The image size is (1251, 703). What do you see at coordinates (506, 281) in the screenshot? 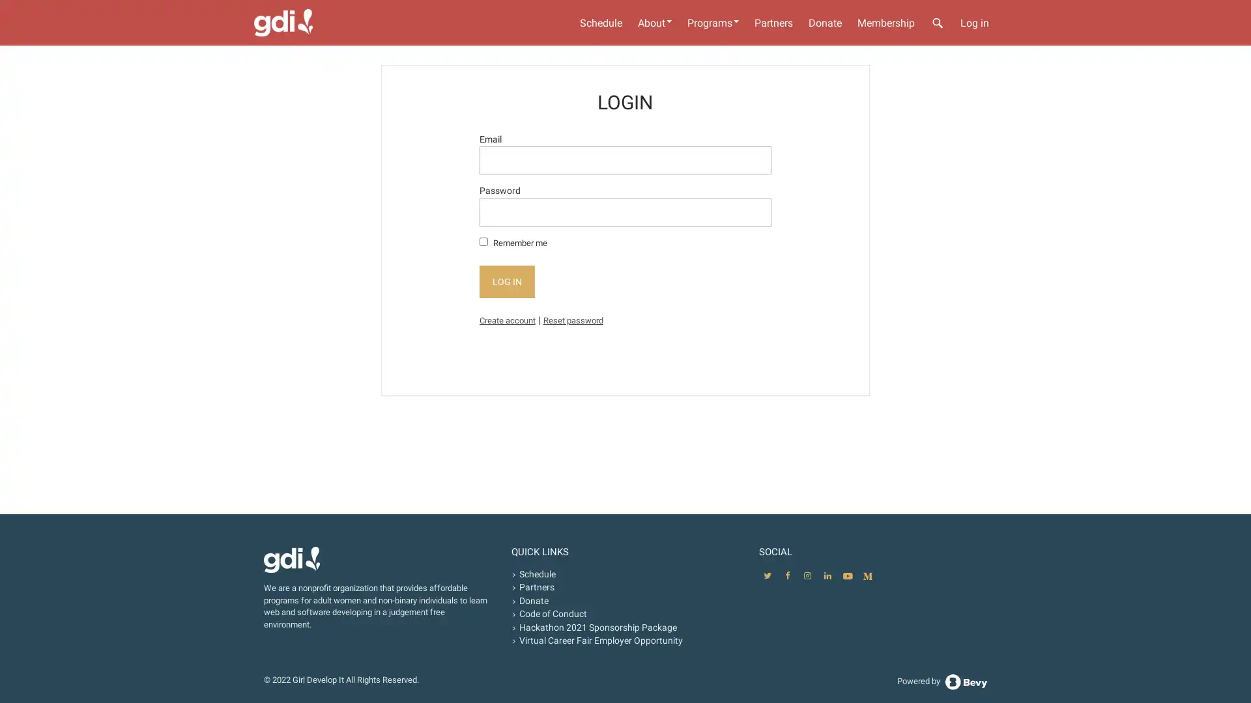
I see `LOG IN` at bounding box center [506, 281].